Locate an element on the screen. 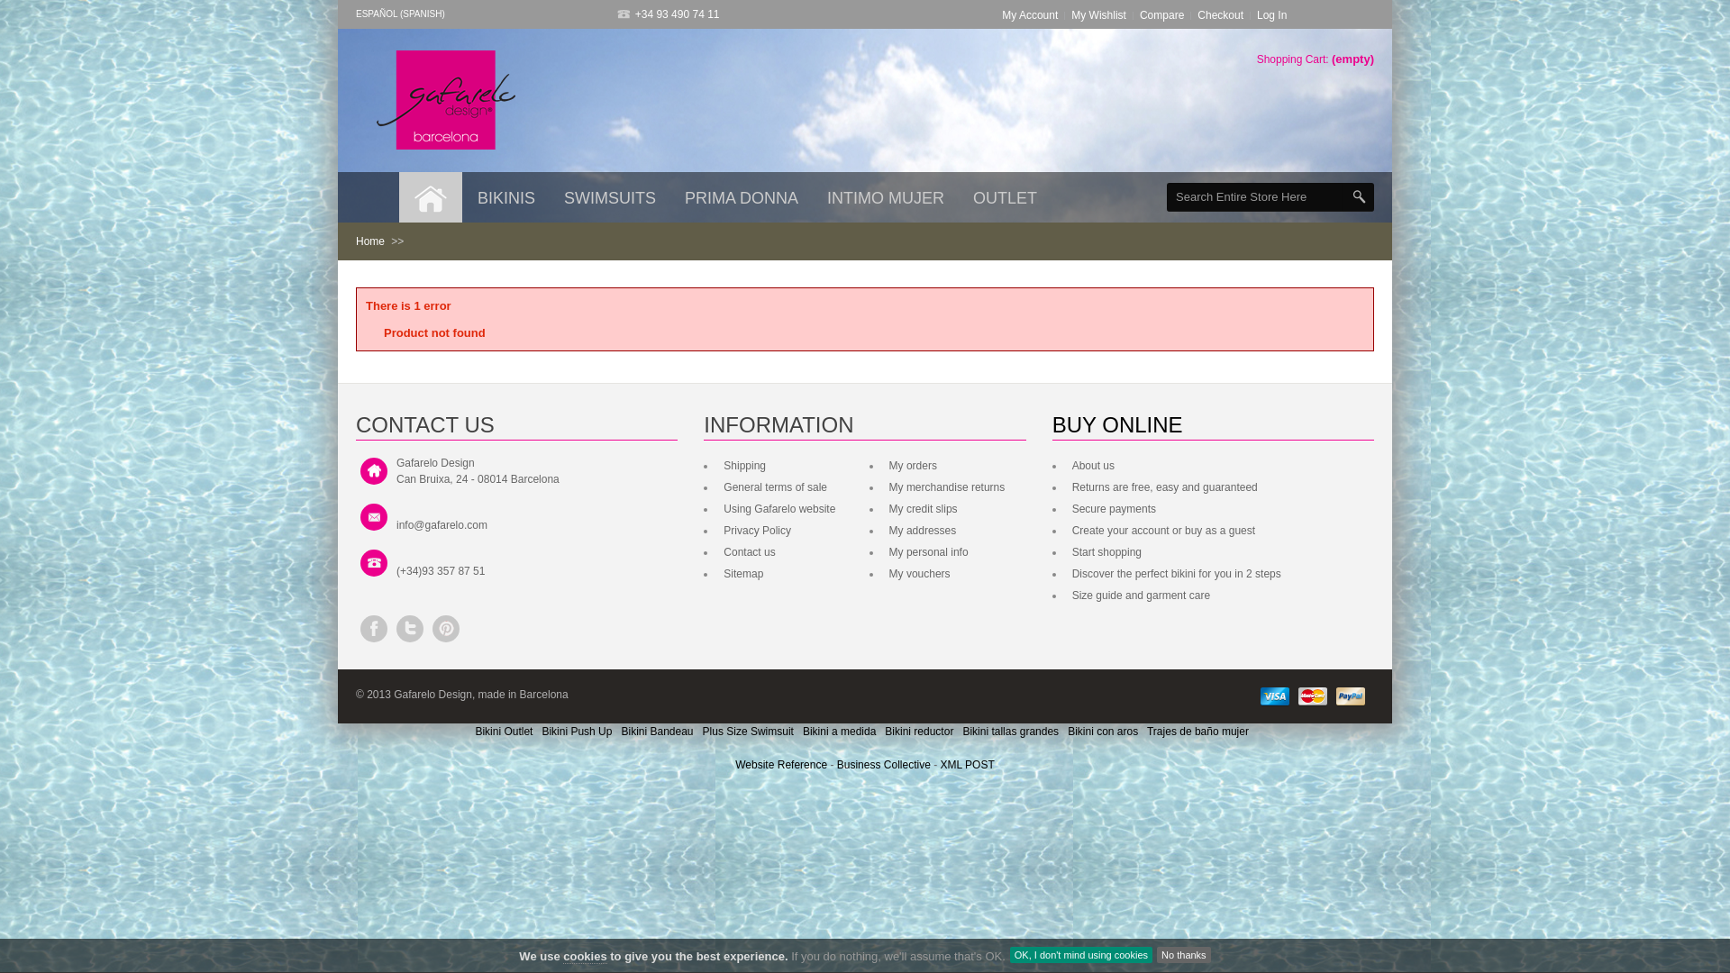 This screenshot has width=1730, height=973. 'Discover the perfect bikini for you in 2 steps' is located at coordinates (1174, 573).